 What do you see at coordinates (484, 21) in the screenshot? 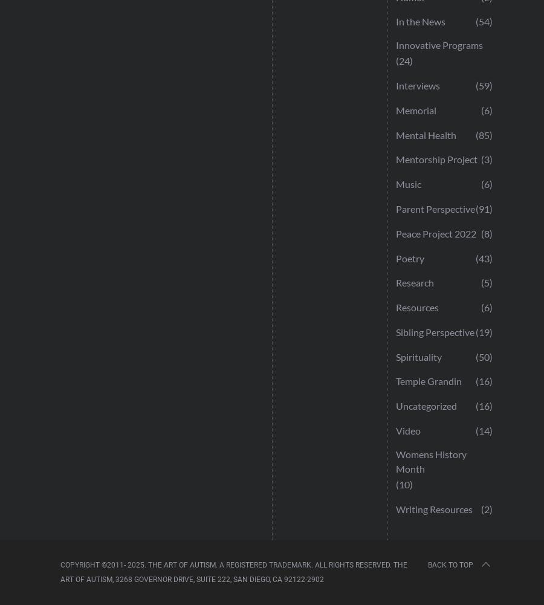
I see `'(54)'` at bounding box center [484, 21].